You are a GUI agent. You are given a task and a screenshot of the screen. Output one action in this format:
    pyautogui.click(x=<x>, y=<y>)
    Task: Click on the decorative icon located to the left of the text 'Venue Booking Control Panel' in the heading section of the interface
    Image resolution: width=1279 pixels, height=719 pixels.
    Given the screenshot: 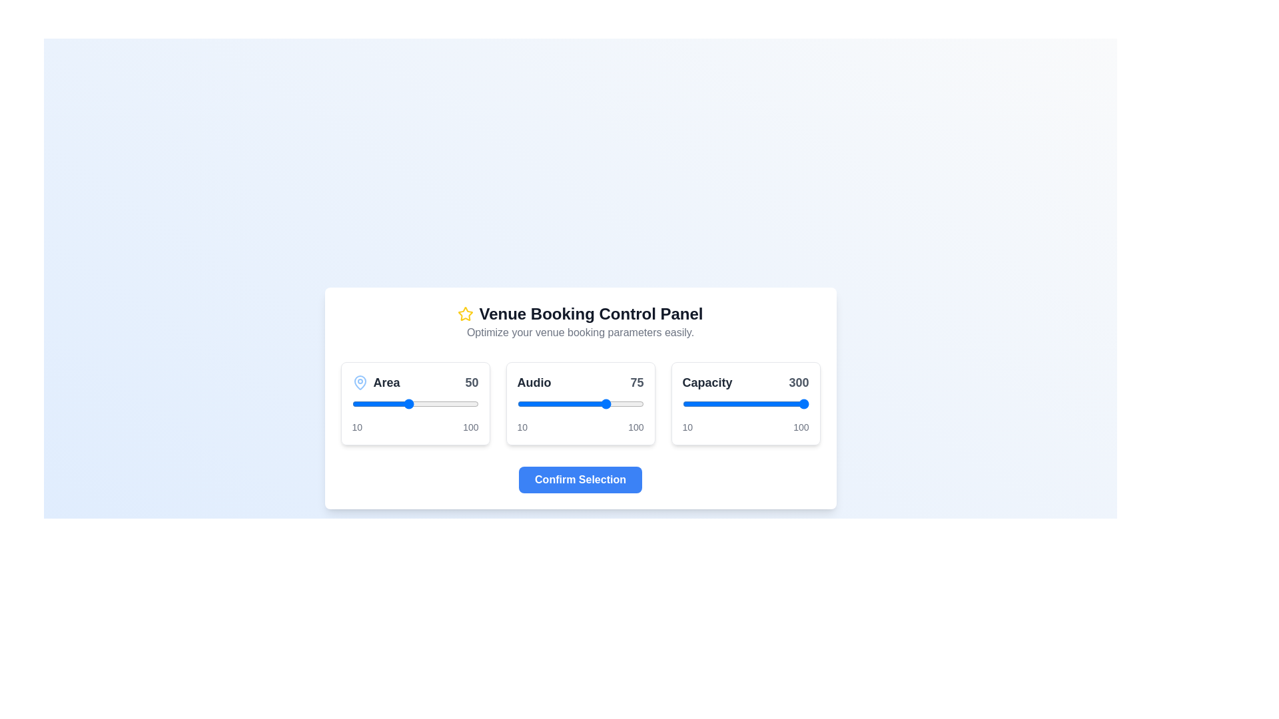 What is the action you would take?
    pyautogui.click(x=466, y=314)
    